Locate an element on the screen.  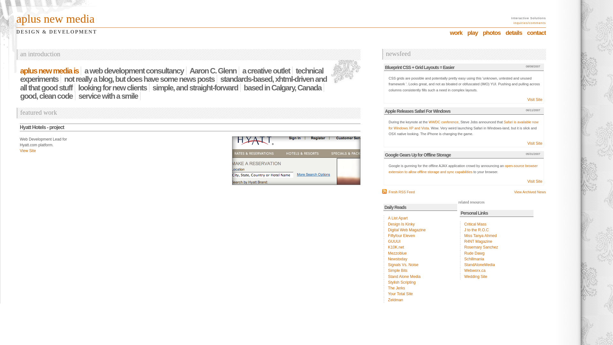
'work' is located at coordinates (456, 33).